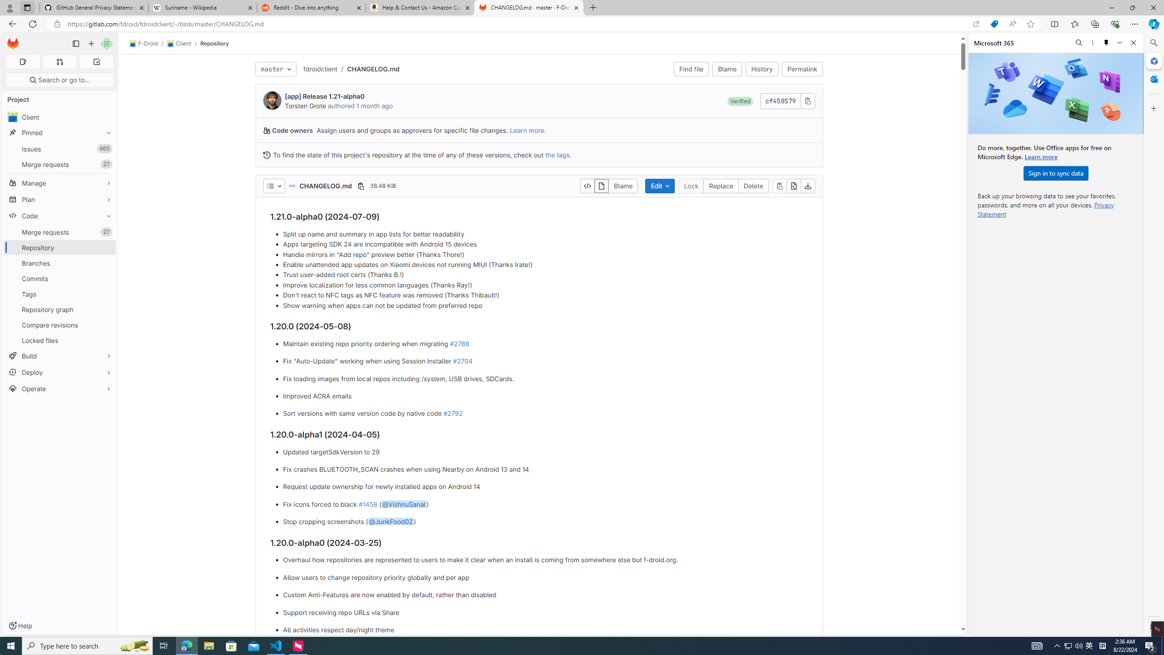 This screenshot has height=655, width=1164. What do you see at coordinates (143, 43) in the screenshot?
I see `'F-Droid'` at bounding box center [143, 43].